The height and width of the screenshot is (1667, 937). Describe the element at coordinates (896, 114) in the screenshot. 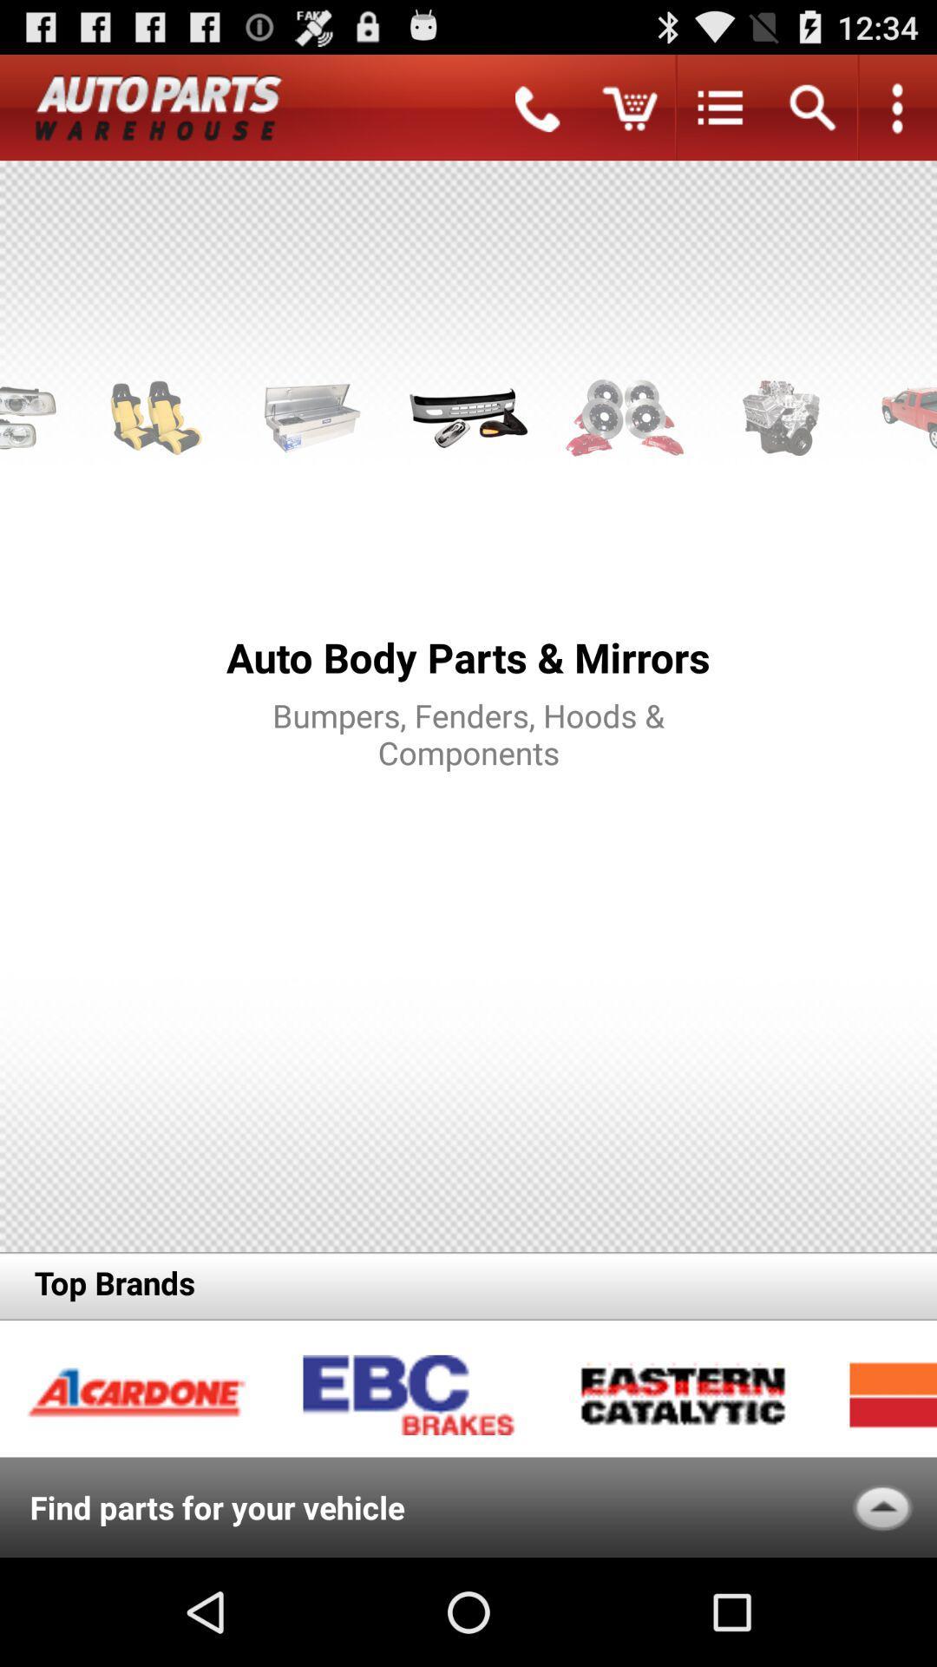

I see `the more icon` at that location.